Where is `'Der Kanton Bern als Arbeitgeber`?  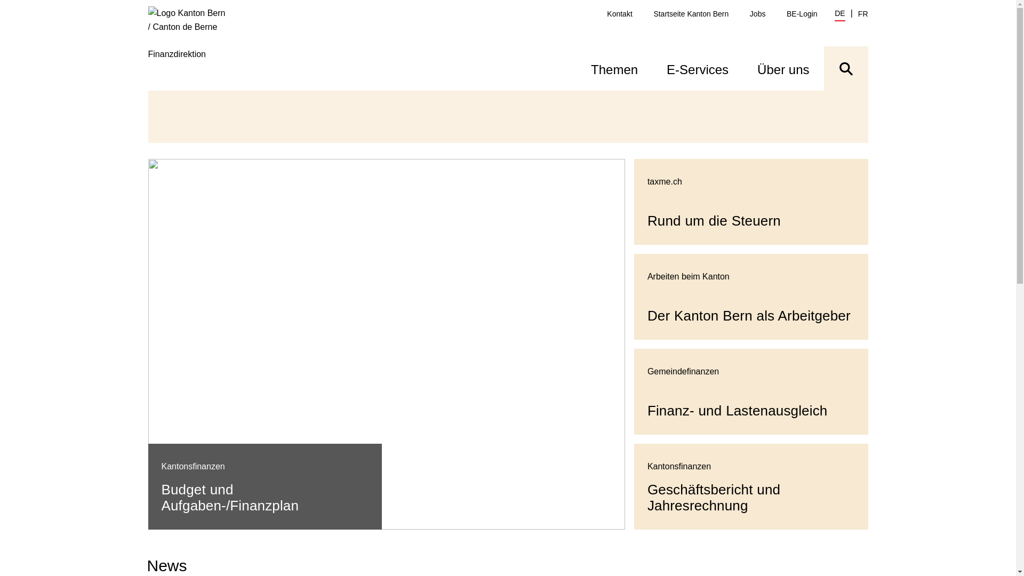 'Der Kanton Bern als Arbeitgeber is located at coordinates (750, 297).